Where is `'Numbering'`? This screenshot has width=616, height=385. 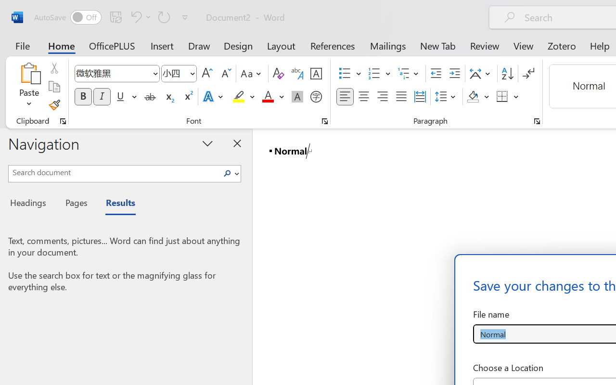 'Numbering' is located at coordinates (374, 74).